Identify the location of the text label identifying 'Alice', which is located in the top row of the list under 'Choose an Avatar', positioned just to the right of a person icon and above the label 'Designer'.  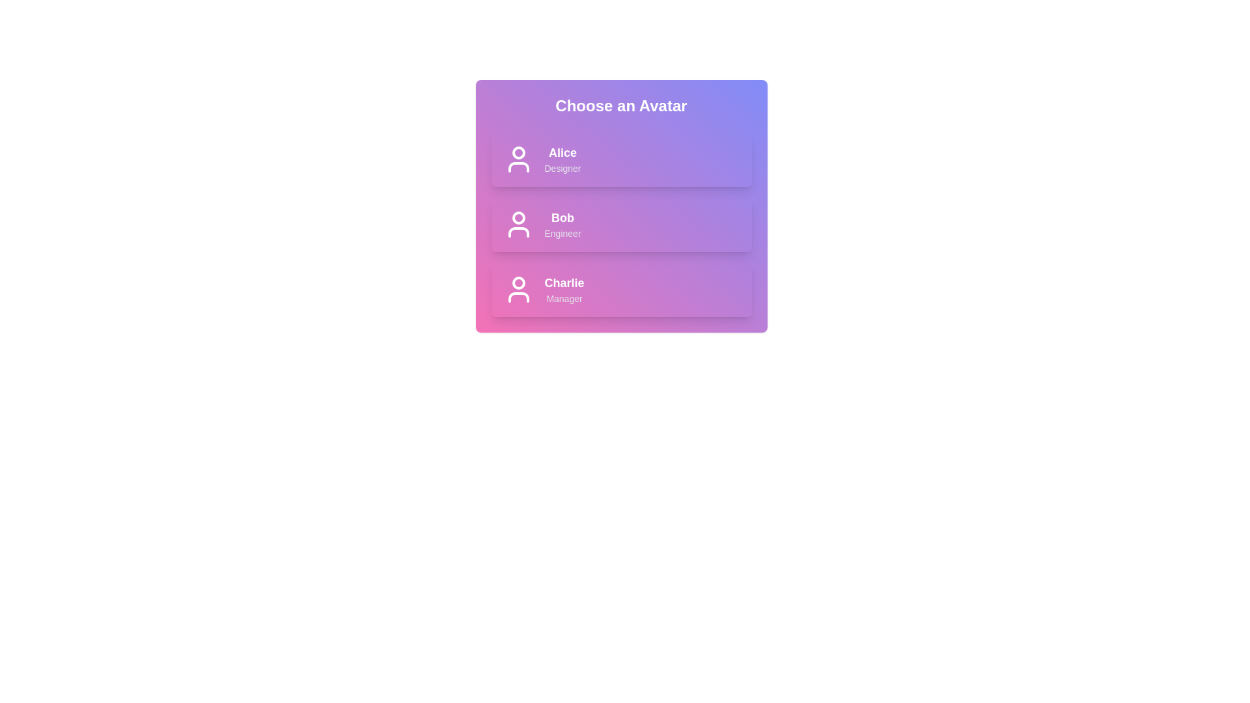
(562, 152).